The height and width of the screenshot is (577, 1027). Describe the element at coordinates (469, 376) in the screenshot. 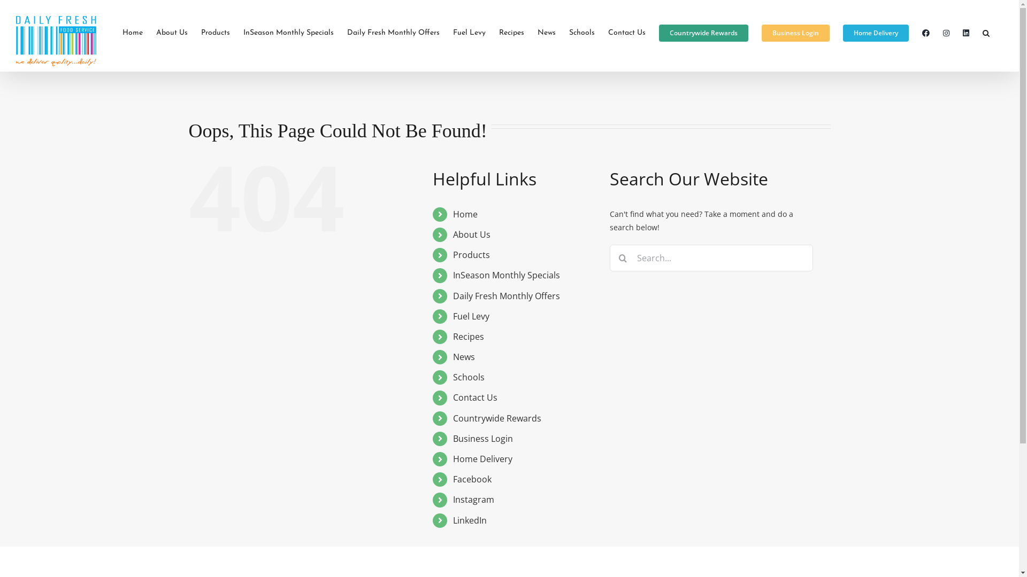

I see `'Schools'` at that location.